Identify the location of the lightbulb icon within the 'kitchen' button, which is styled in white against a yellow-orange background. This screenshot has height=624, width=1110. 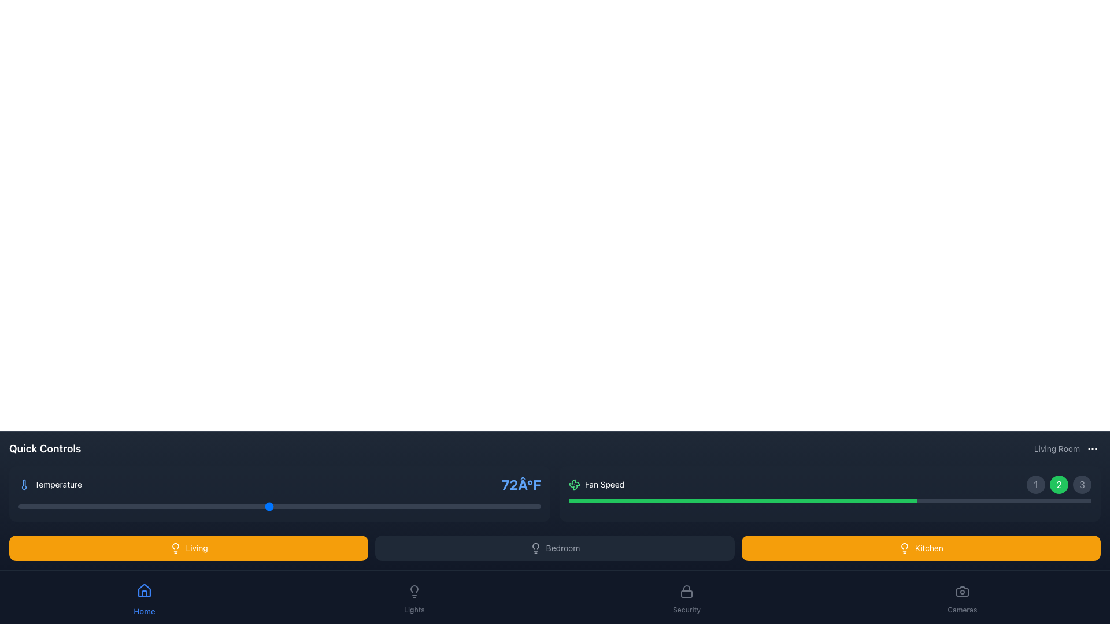
(904, 547).